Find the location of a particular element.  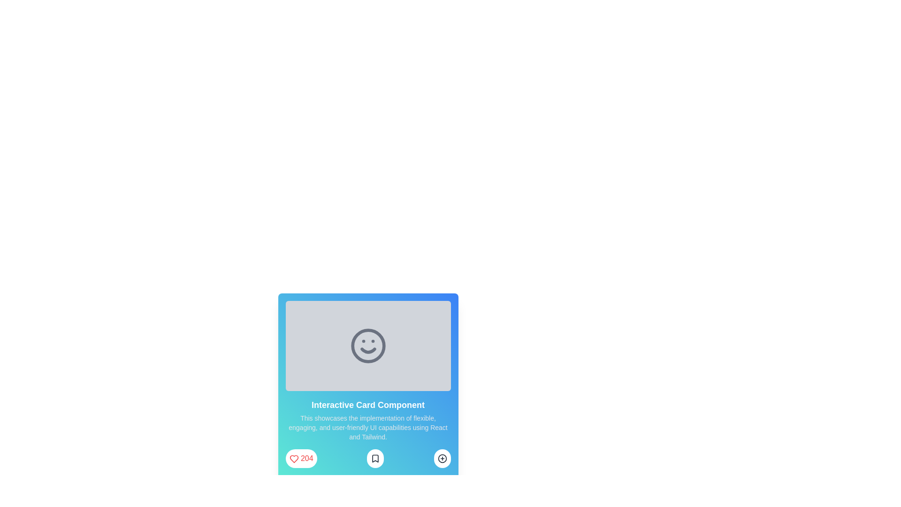

the bookmark button located in the center of the three horizontally aligned circular buttons at the bottom of the card is located at coordinates (375, 458).